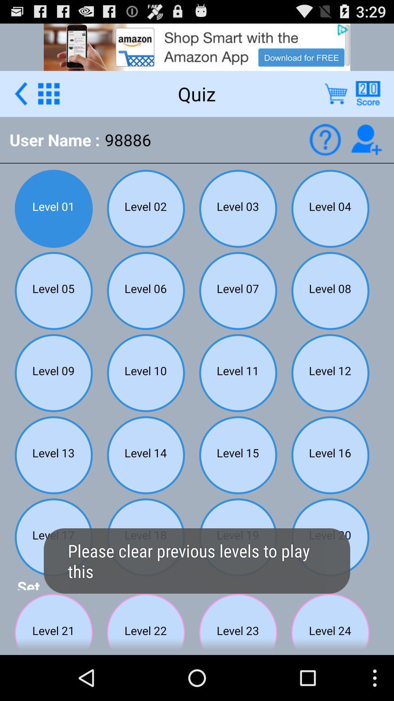  Describe the element at coordinates (197, 46) in the screenshot. I see `advertisement` at that location.